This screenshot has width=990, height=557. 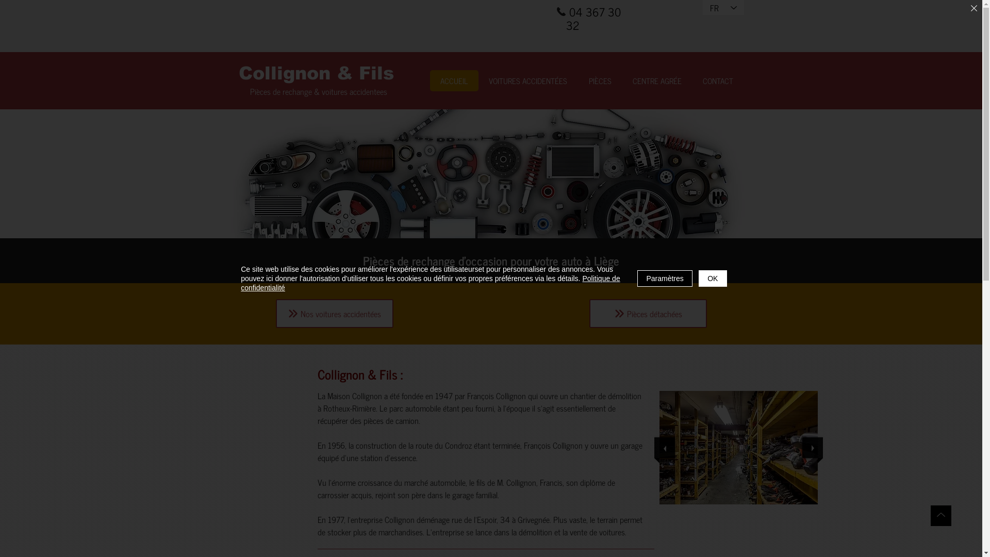 I want to click on 'CONTACT', so click(x=717, y=80).